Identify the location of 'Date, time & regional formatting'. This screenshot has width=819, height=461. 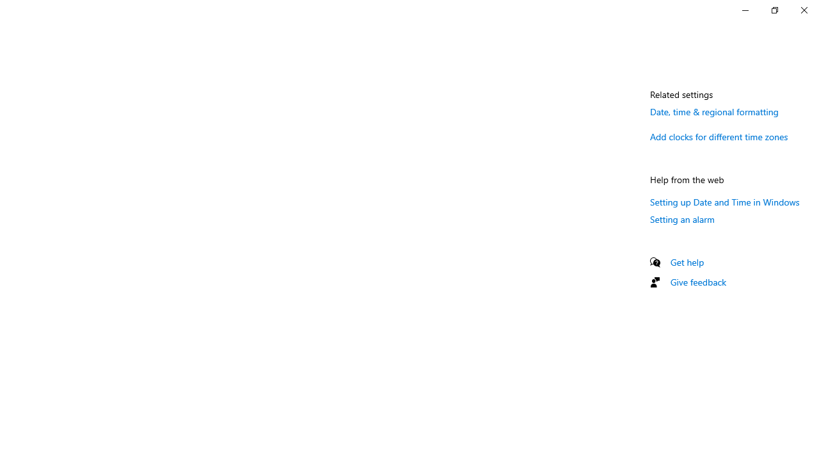
(713, 111).